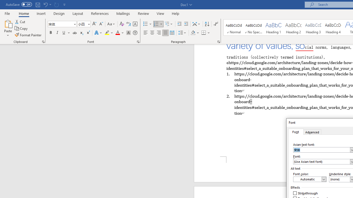 Image resolution: width=353 pixels, height=198 pixels. Describe the element at coordinates (310, 179) in the screenshot. I see `'Font Color (Automatic)'` at that location.